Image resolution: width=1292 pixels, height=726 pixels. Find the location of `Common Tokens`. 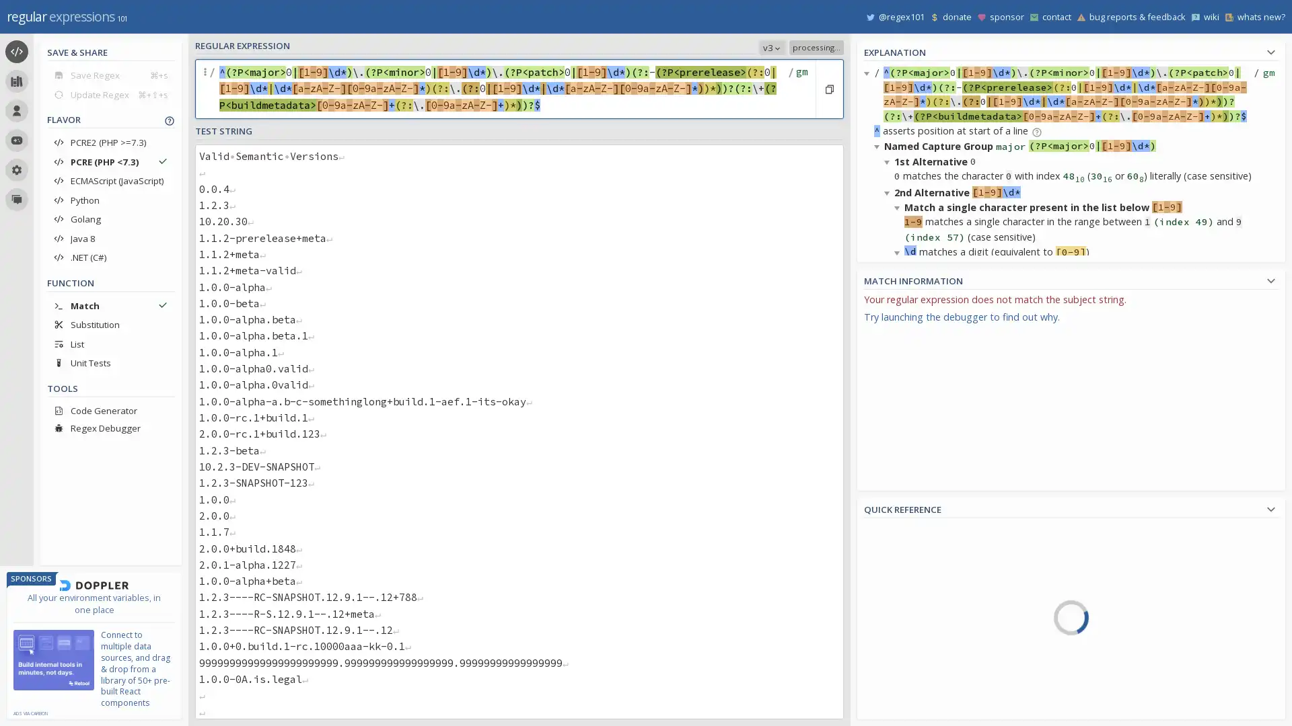

Common Tokens is located at coordinates (927, 576).